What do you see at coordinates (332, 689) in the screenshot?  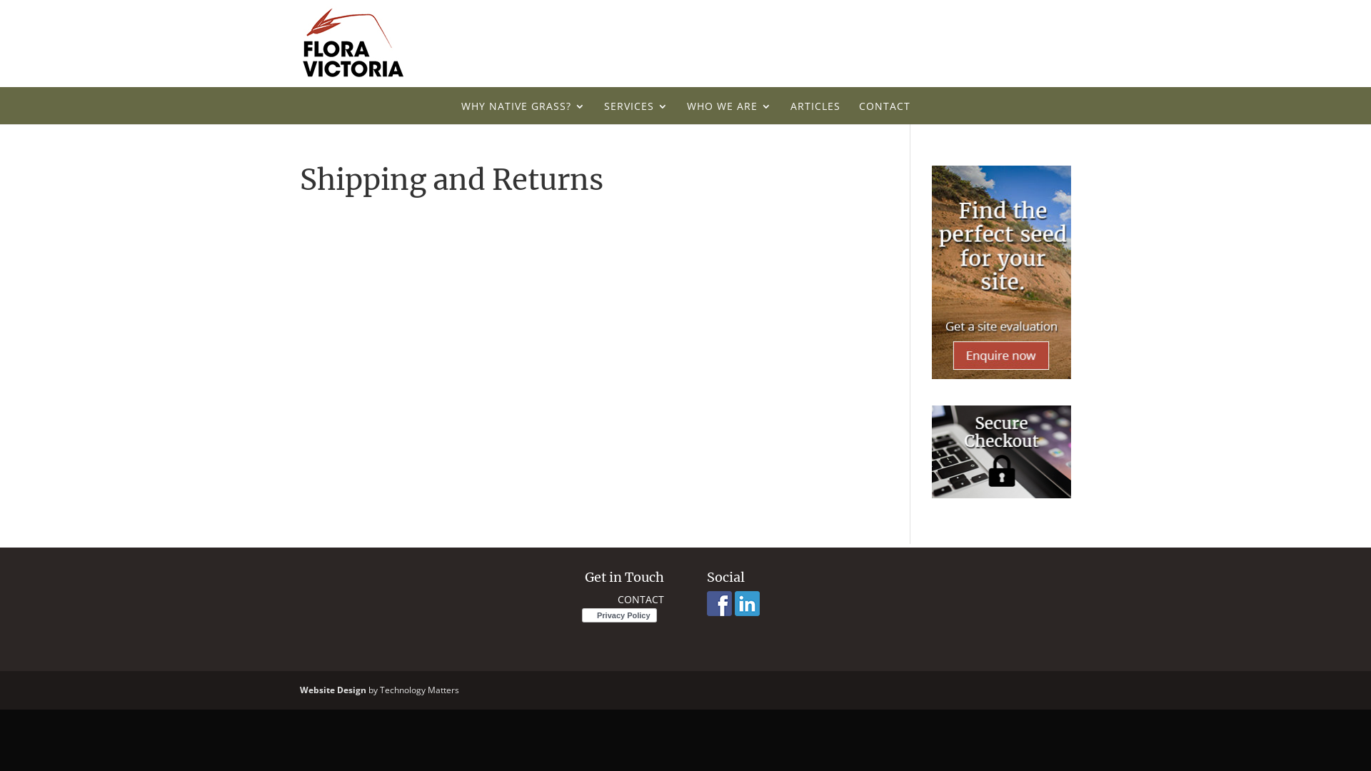 I see `'Website Design'` at bounding box center [332, 689].